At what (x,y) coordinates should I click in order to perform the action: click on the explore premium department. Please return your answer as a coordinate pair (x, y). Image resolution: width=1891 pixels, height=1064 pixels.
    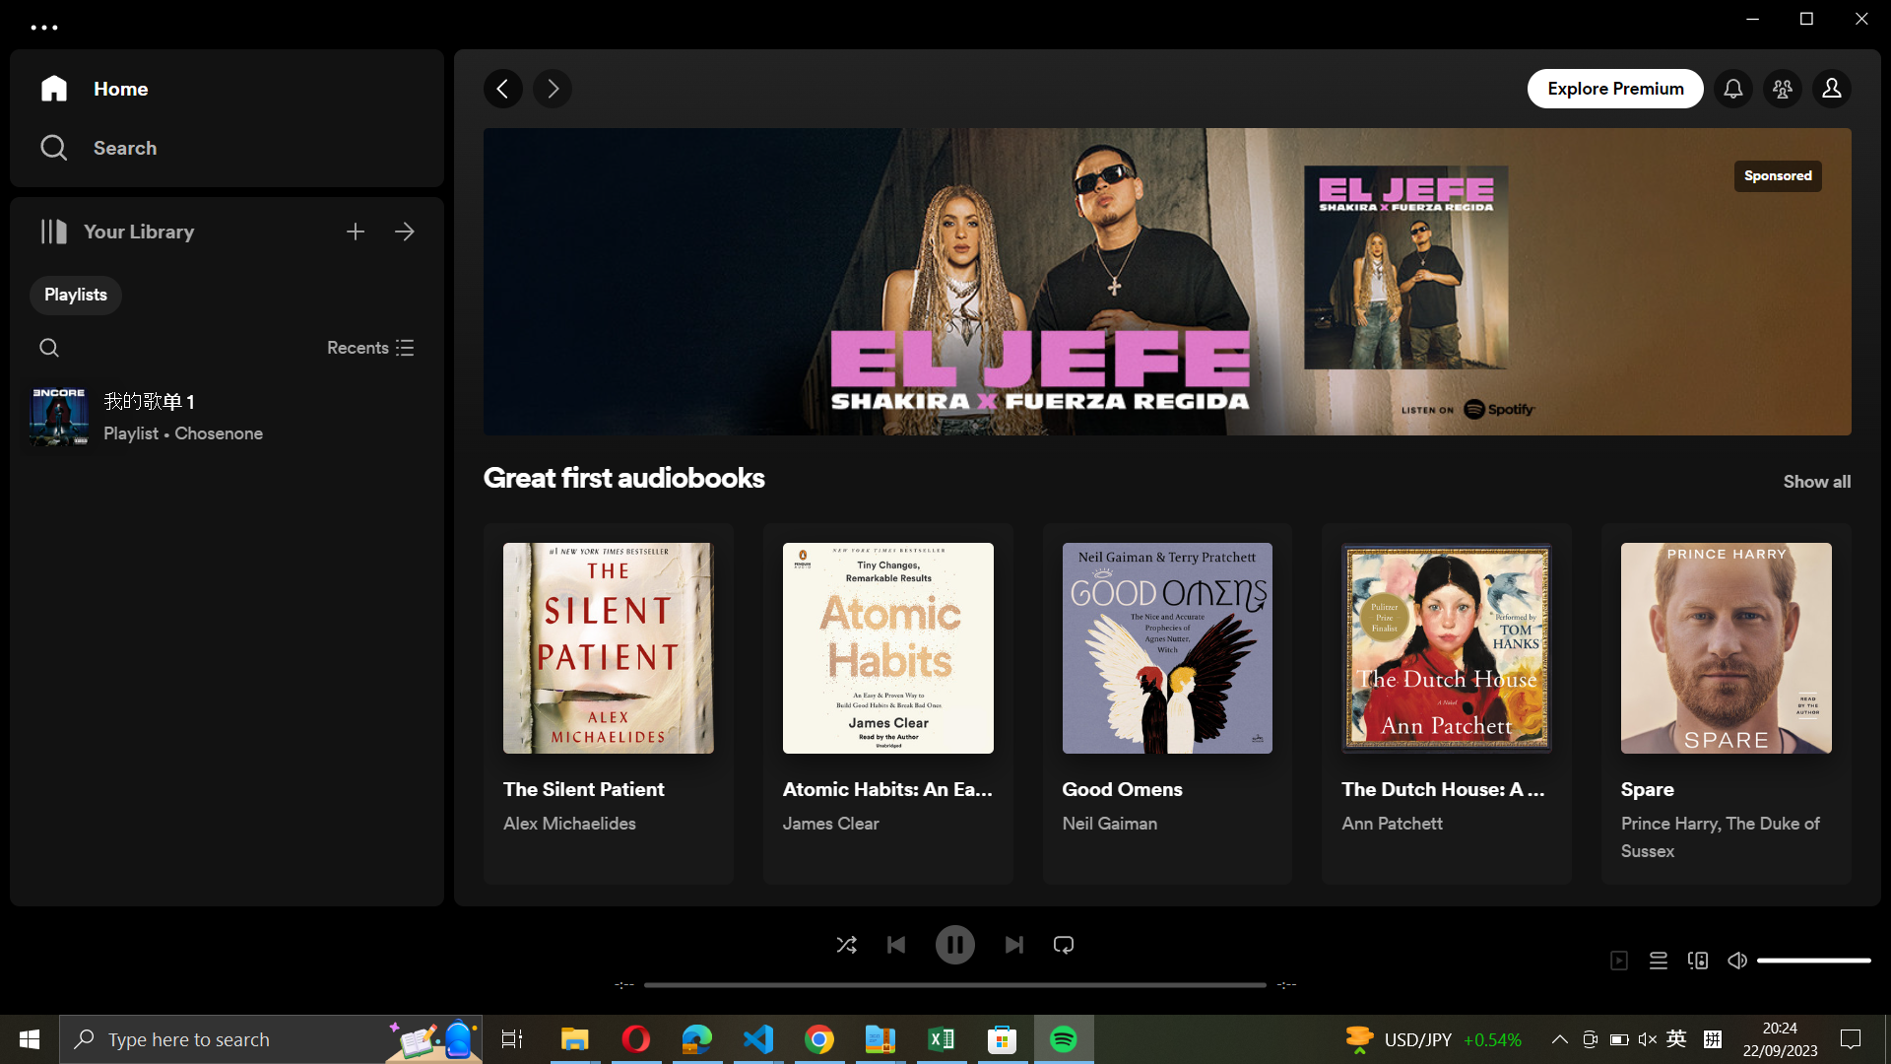
    Looking at the image, I should click on (1617, 87).